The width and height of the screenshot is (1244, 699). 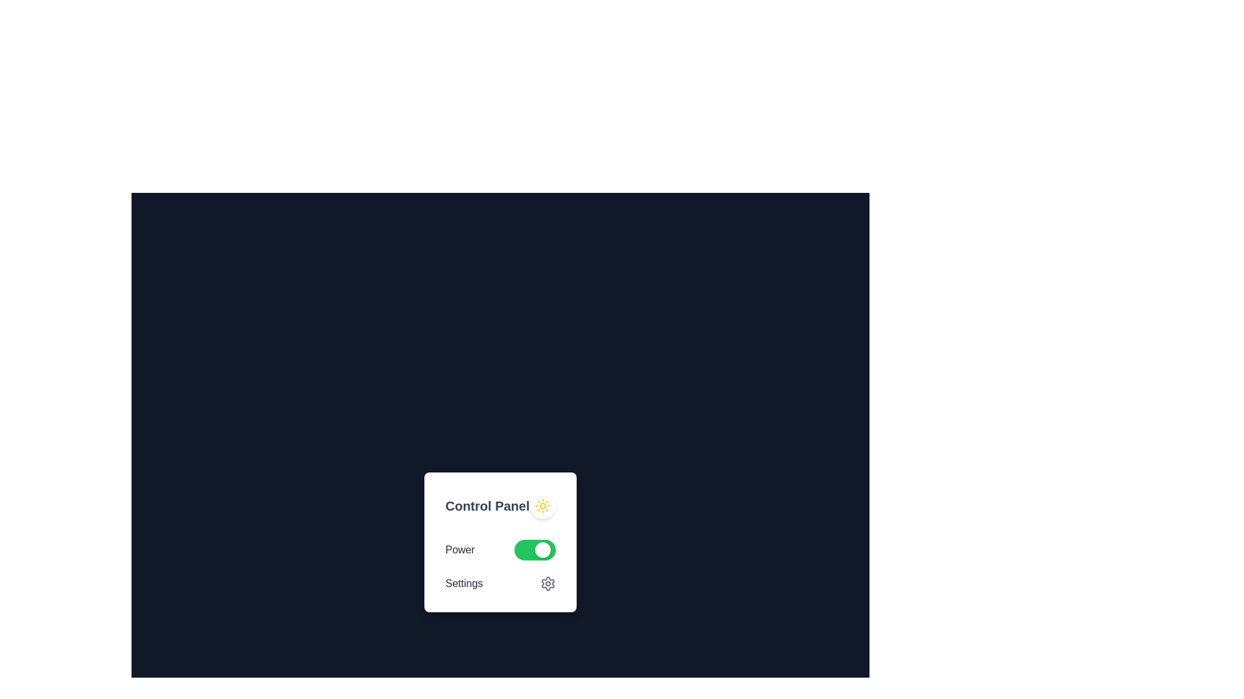 I want to click on the green toggle switch in the 'Power' section of the composite UI component within the 'Control Panel' interface to change its state, so click(x=500, y=565).